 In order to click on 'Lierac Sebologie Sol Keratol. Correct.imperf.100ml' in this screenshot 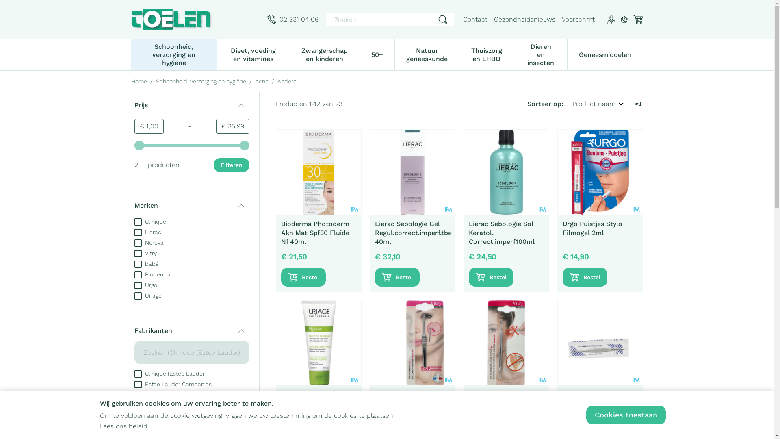, I will do `click(506, 172)`.